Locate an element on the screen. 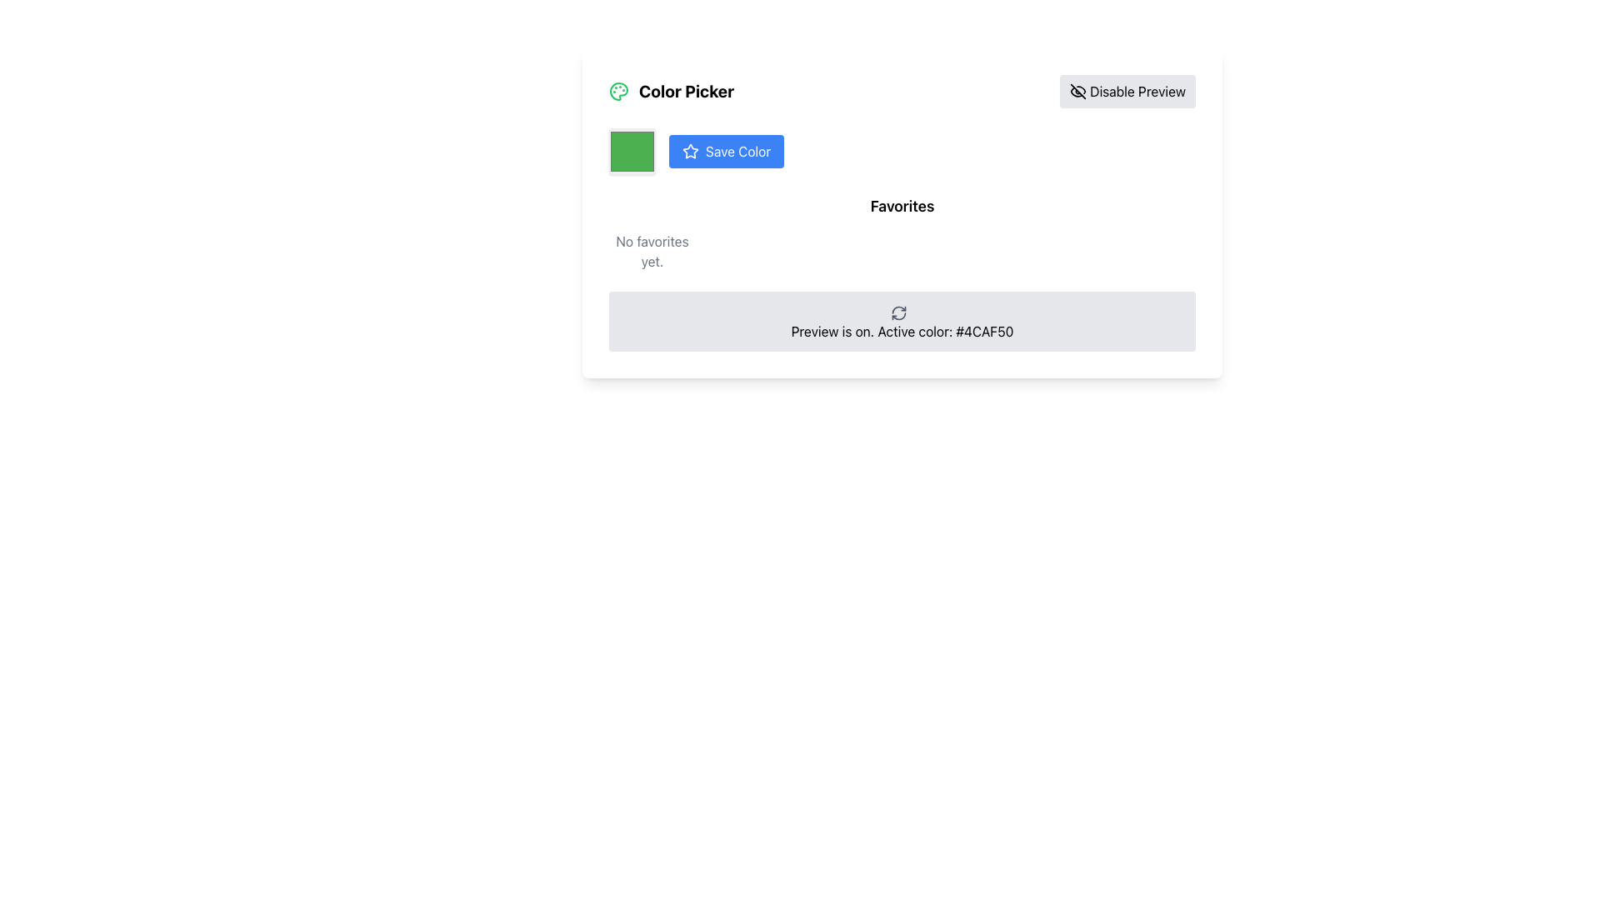  the eye-off icon within the 'Disable Preview' button located in the top-right corner of the interface, which indicates that clicking it will disable the preview functionality is located at coordinates (1078, 92).